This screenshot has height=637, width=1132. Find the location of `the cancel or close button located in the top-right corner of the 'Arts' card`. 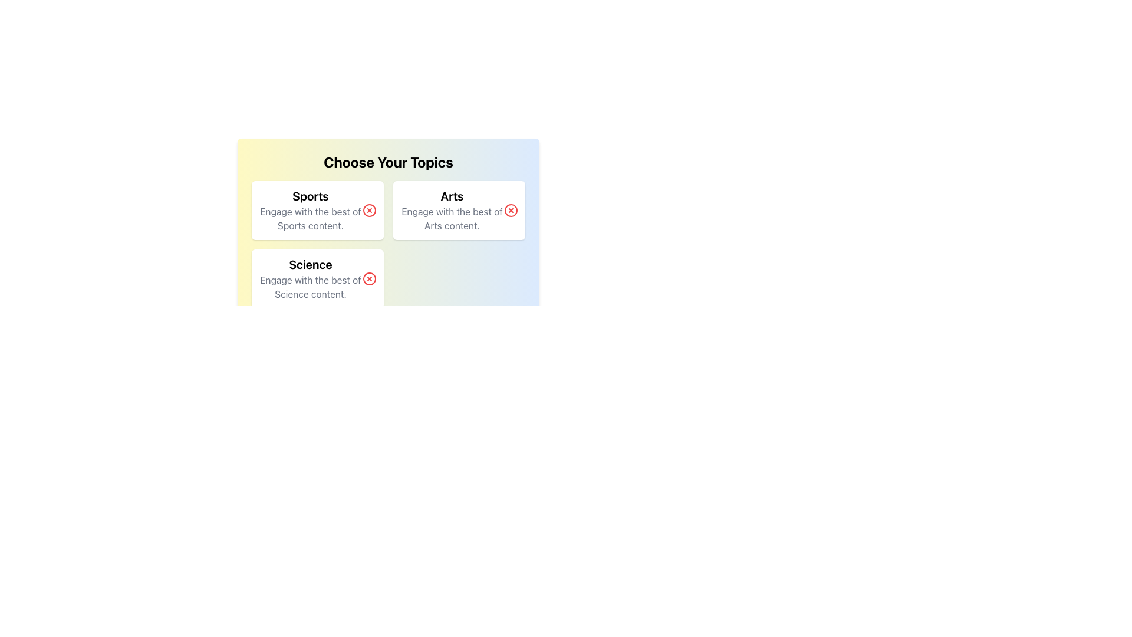

the cancel or close button located in the top-right corner of the 'Arts' card is located at coordinates (511, 210).